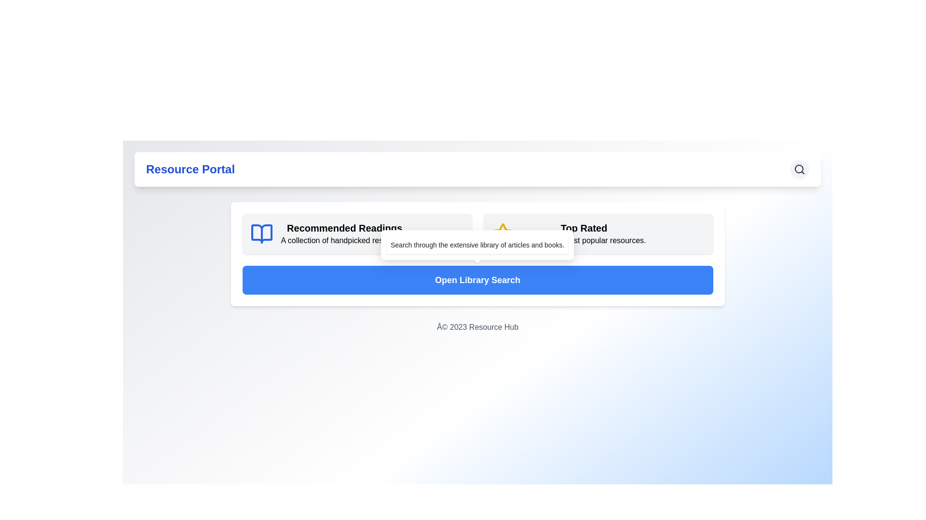 The width and height of the screenshot is (926, 520). I want to click on the static text display that shows the copyright statement, located at the bottom-center of the interface, just below the 'Open Library Search' button, so click(477, 326).